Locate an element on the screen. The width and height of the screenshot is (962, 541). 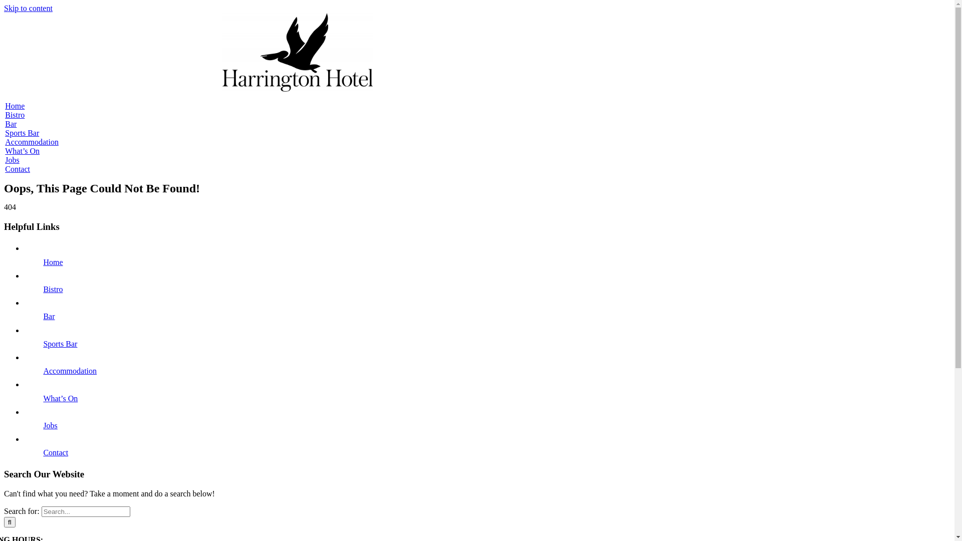
'Harrington Logo 1 Black' is located at coordinates (297, 52).